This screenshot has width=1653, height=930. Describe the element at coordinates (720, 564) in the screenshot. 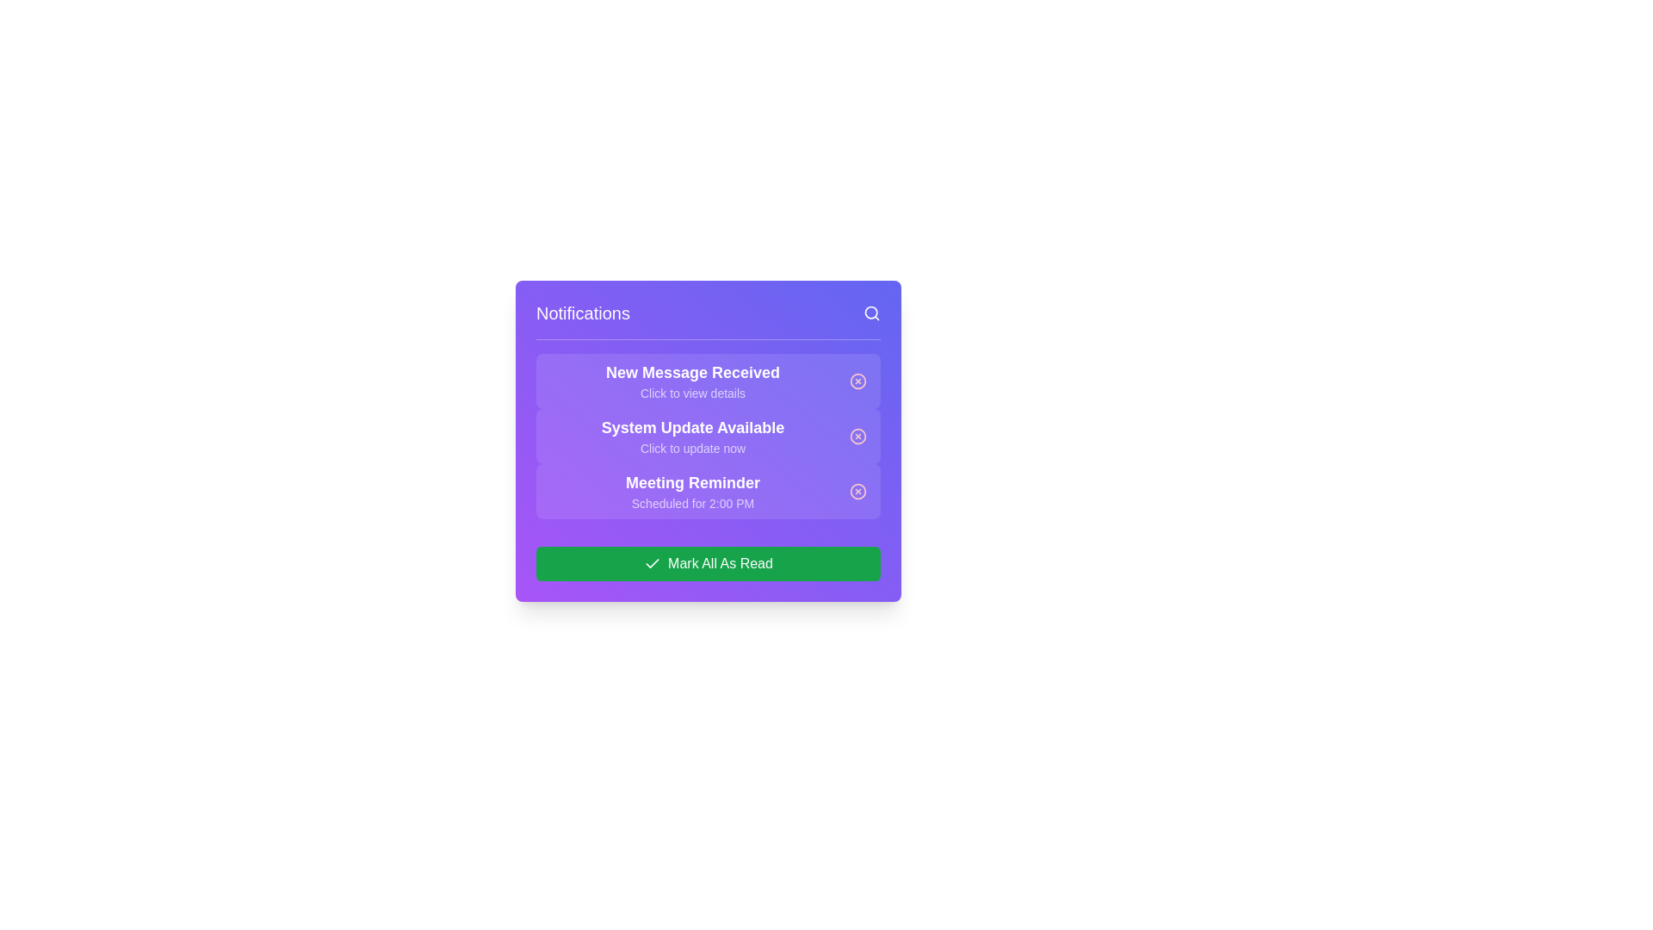

I see `the text label of the button that marks all items in the notification panel as read, located at the bottom of the panel next to the check icon` at that location.